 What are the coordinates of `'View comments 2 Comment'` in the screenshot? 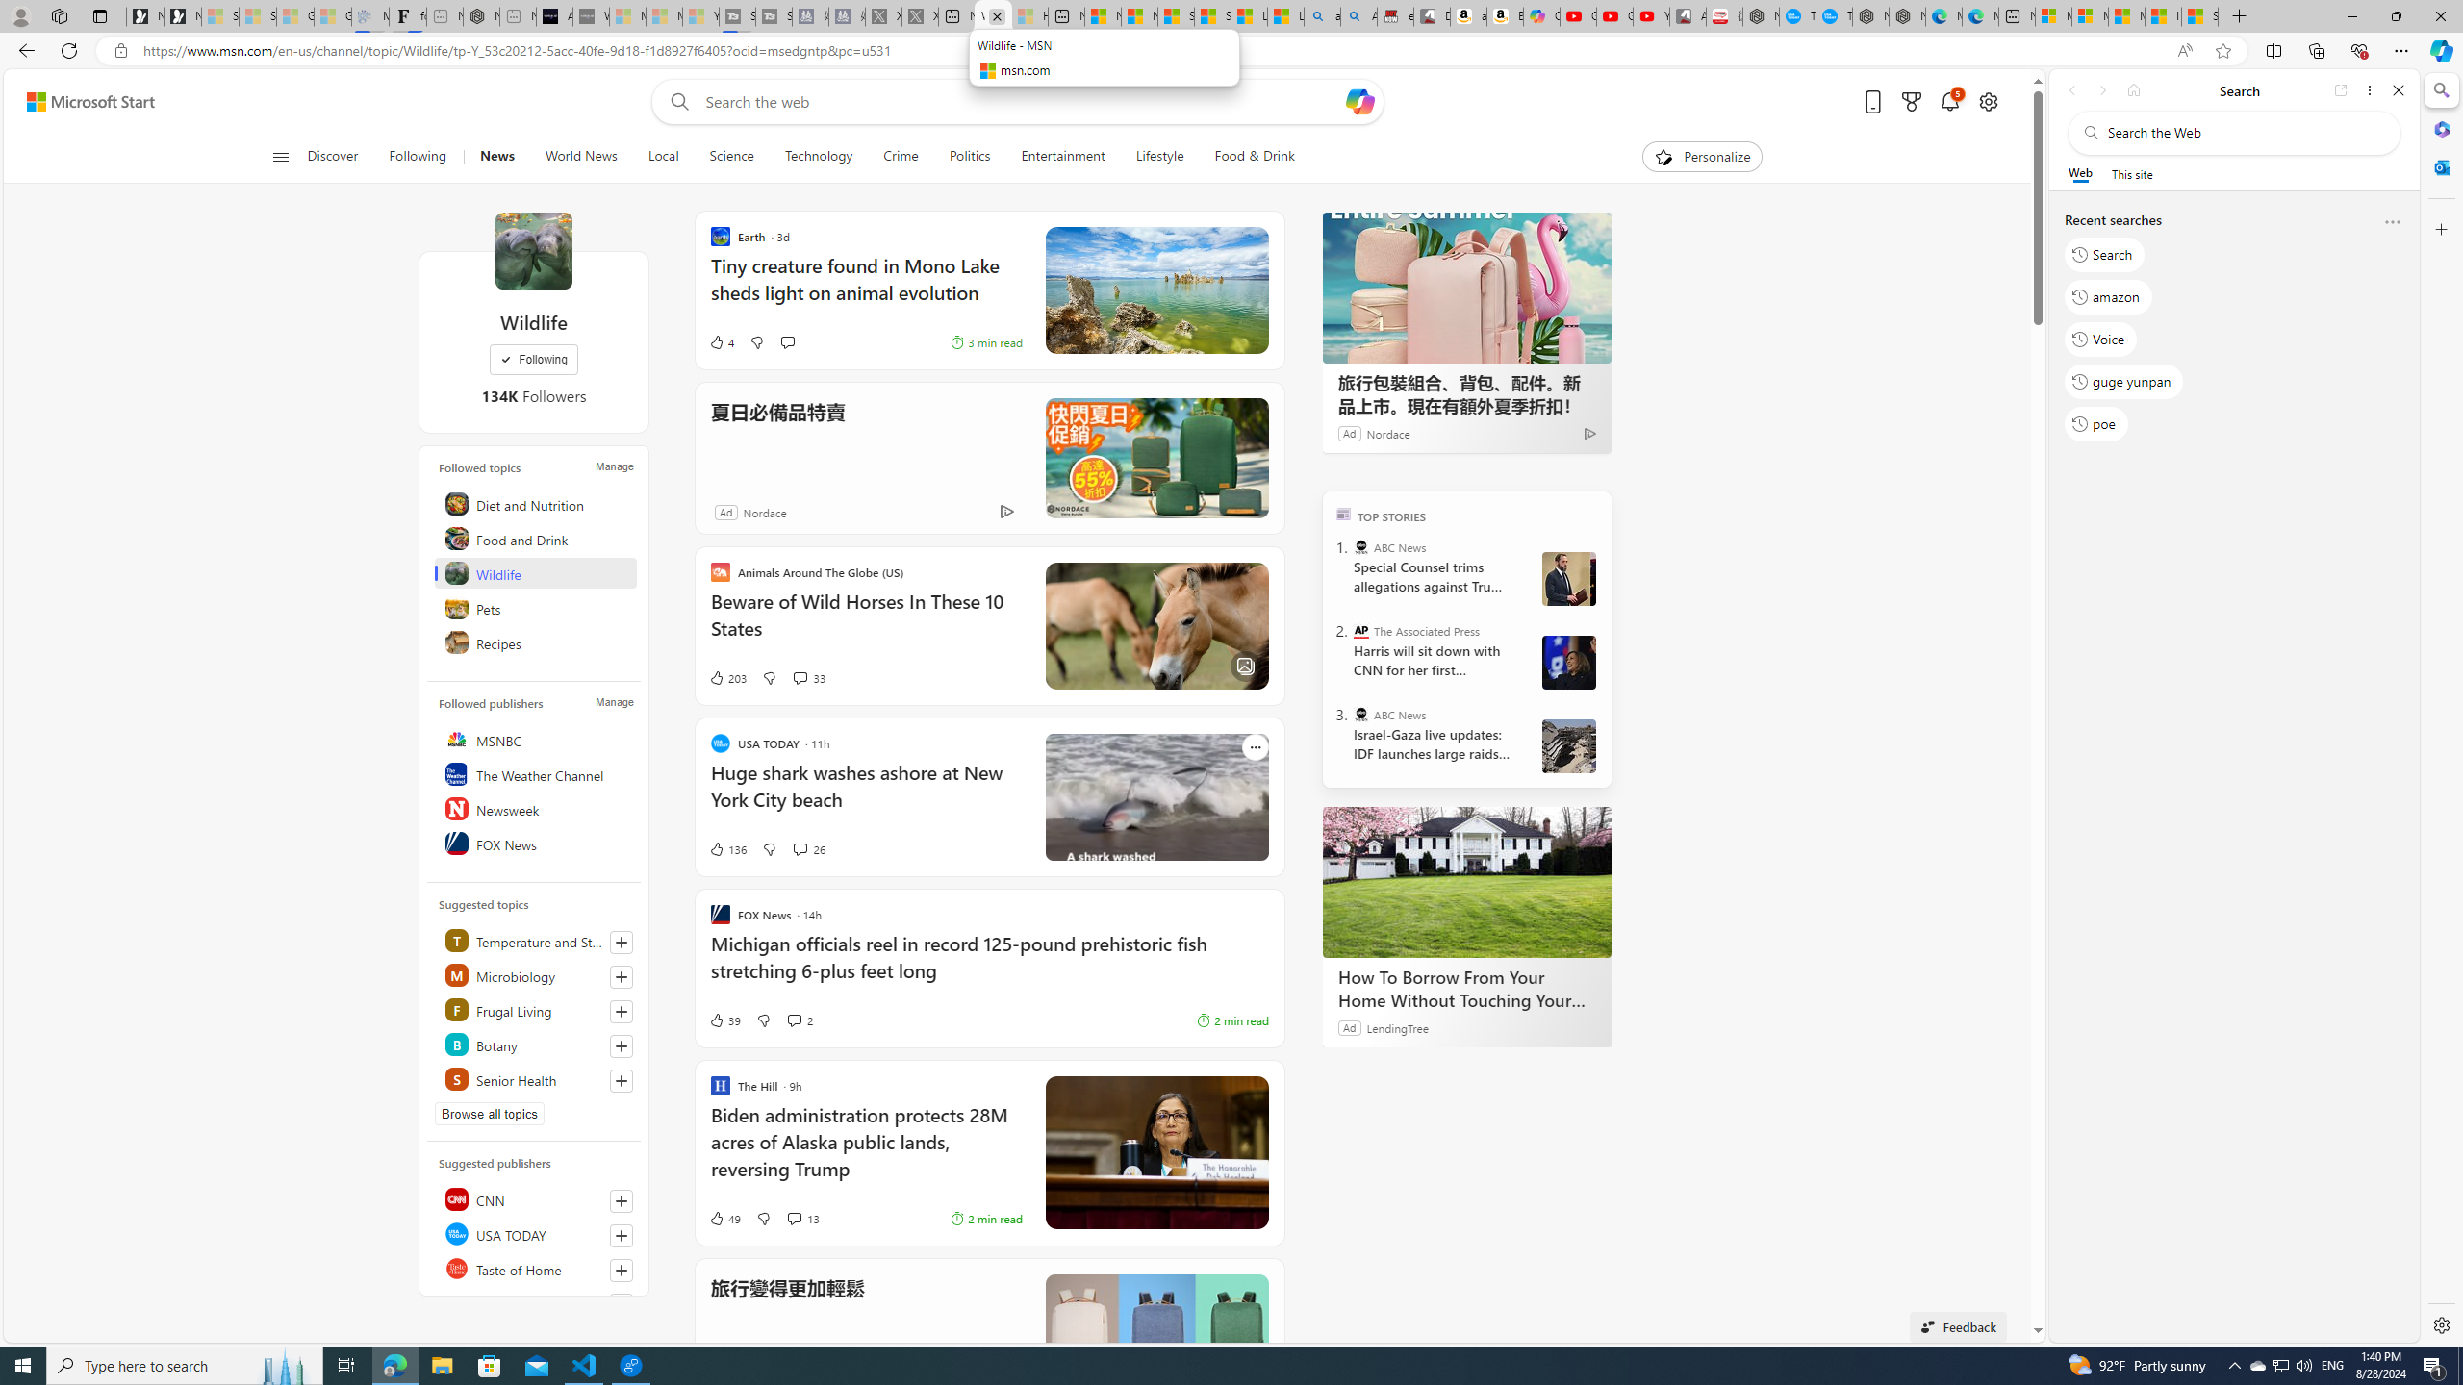 It's located at (798, 1020).